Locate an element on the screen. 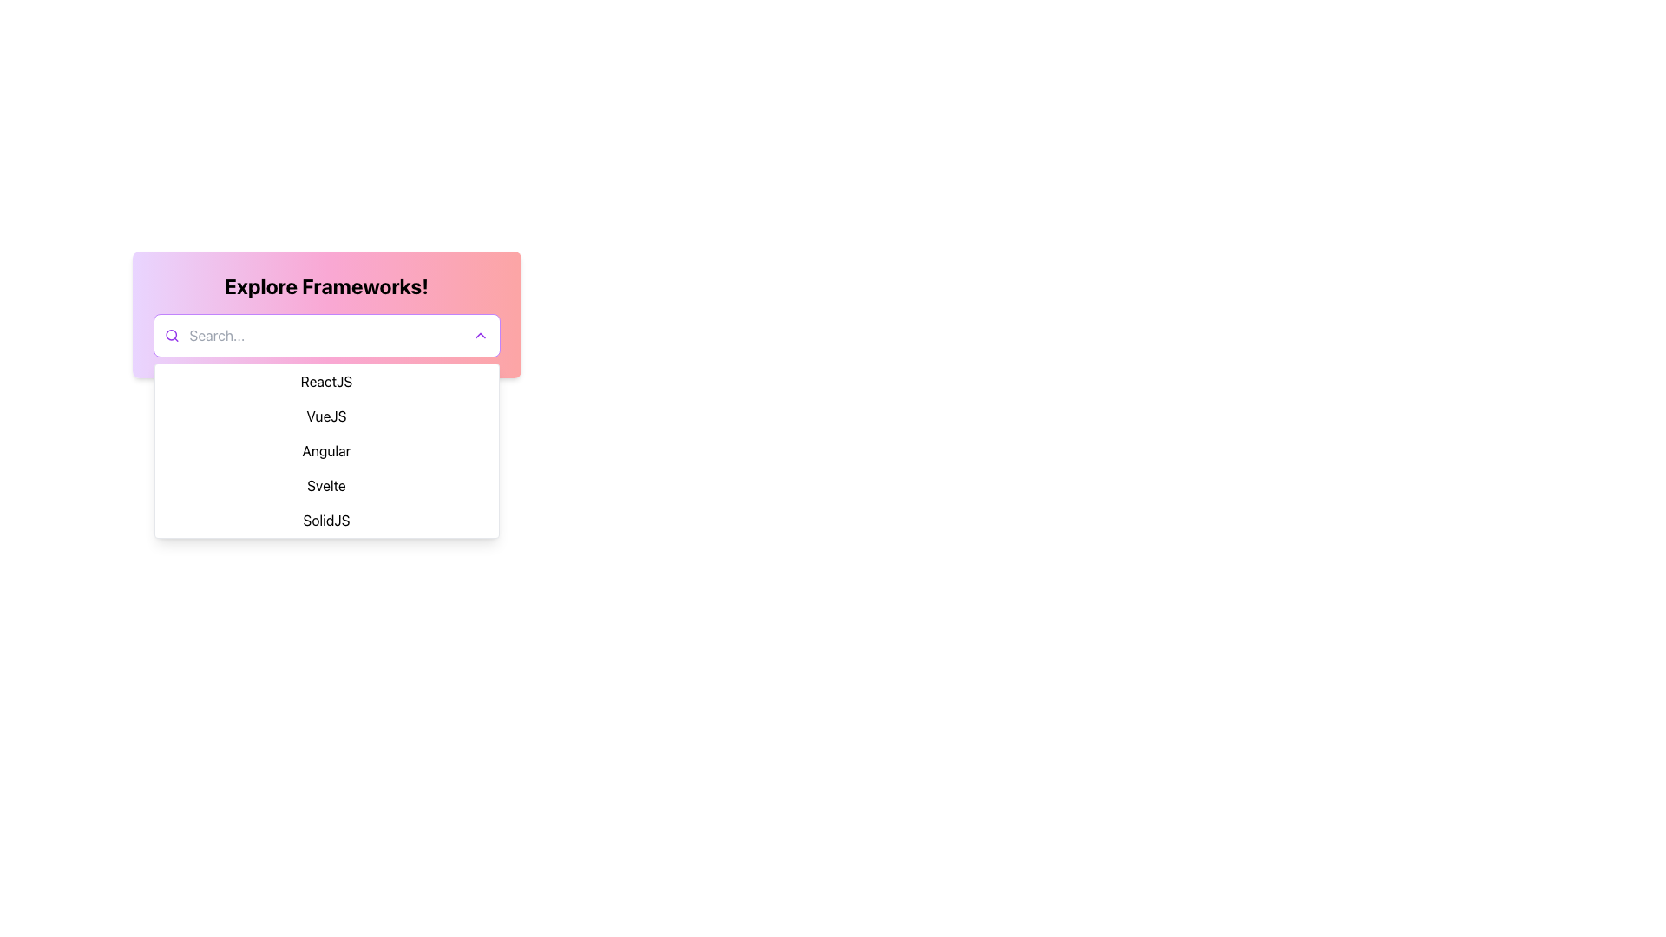  'SolidJS' text item in the dropdown menu, which is the fifth item in the list, by clicking on it is located at coordinates (326, 520).